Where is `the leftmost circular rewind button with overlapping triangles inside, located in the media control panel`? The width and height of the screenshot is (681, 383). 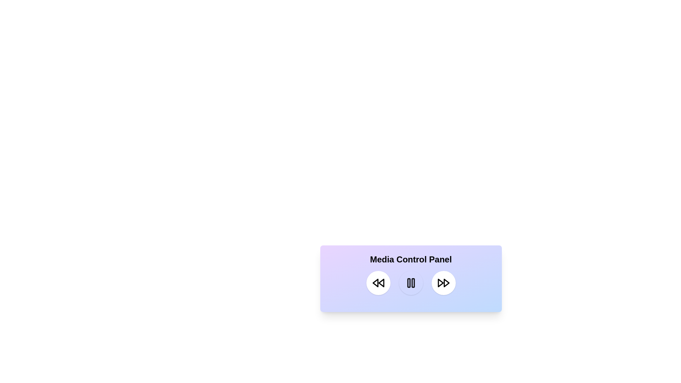 the leftmost circular rewind button with overlapping triangles inside, located in the media control panel is located at coordinates (378, 283).